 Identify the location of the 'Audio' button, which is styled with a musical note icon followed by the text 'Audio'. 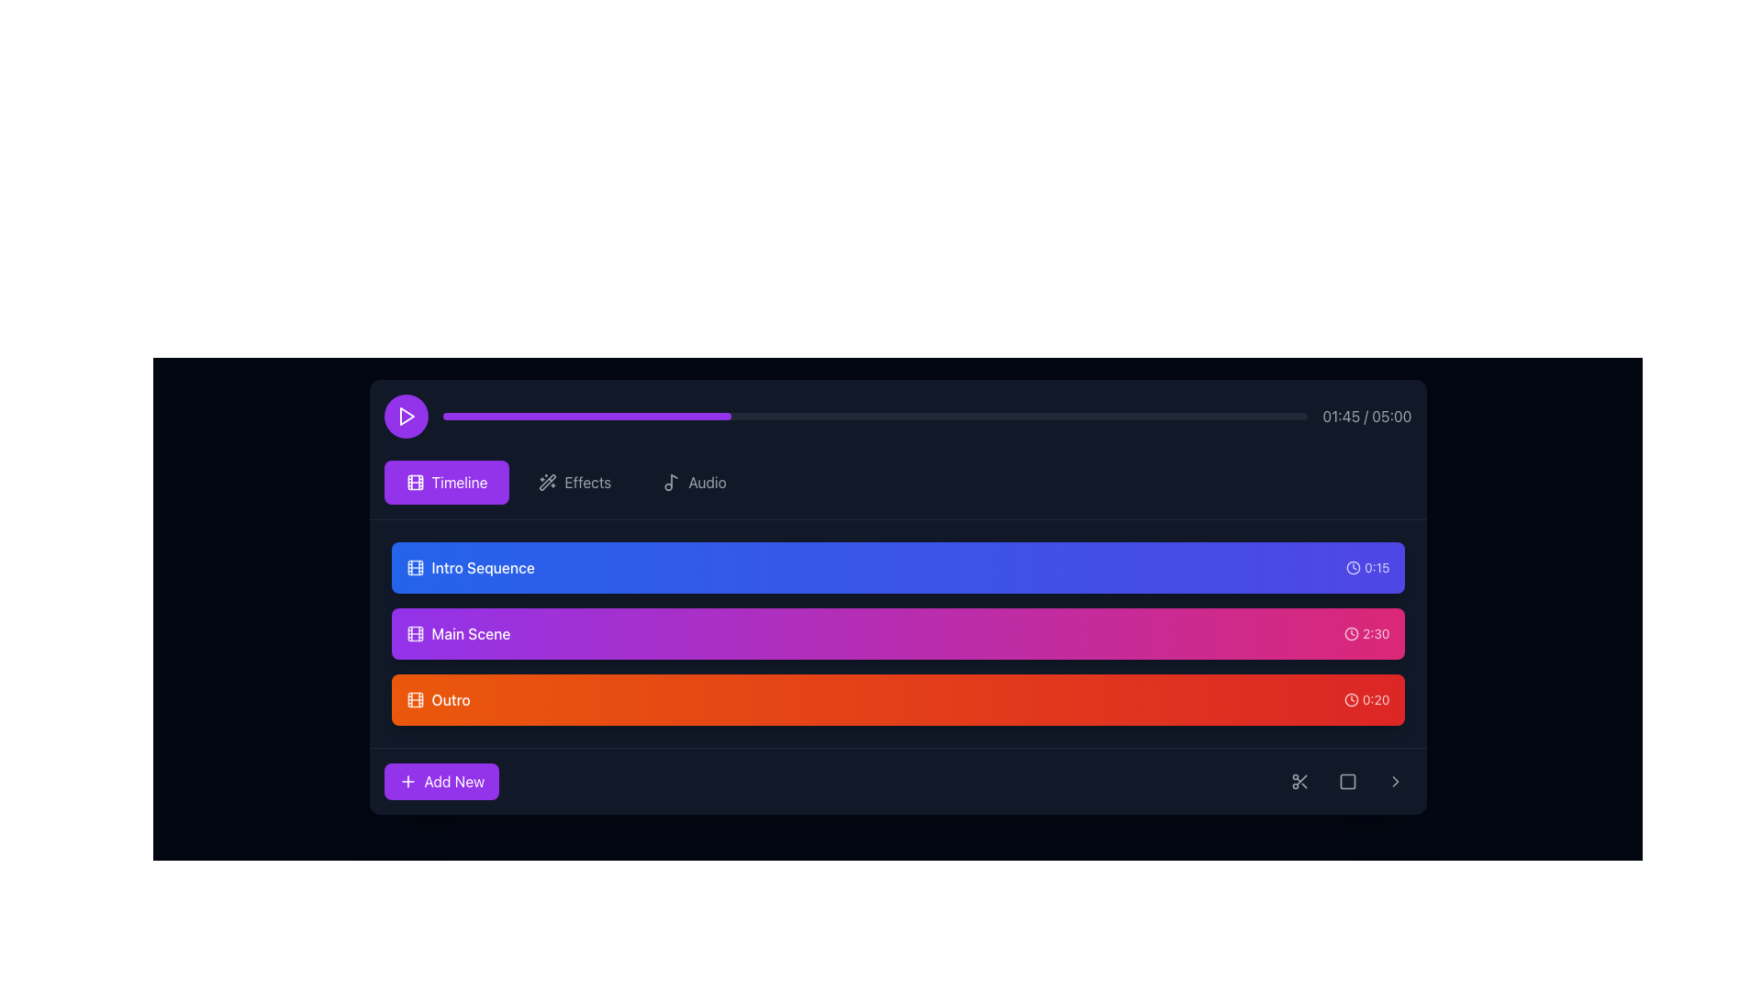
(694, 481).